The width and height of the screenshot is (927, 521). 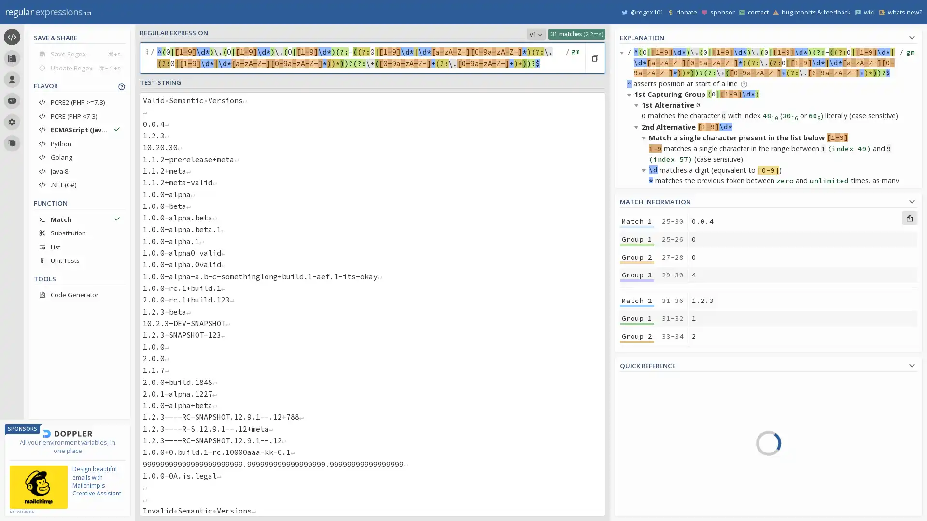 What do you see at coordinates (631, 214) in the screenshot?
I see `Collapse Subtree` at bounding box center [631, 214].